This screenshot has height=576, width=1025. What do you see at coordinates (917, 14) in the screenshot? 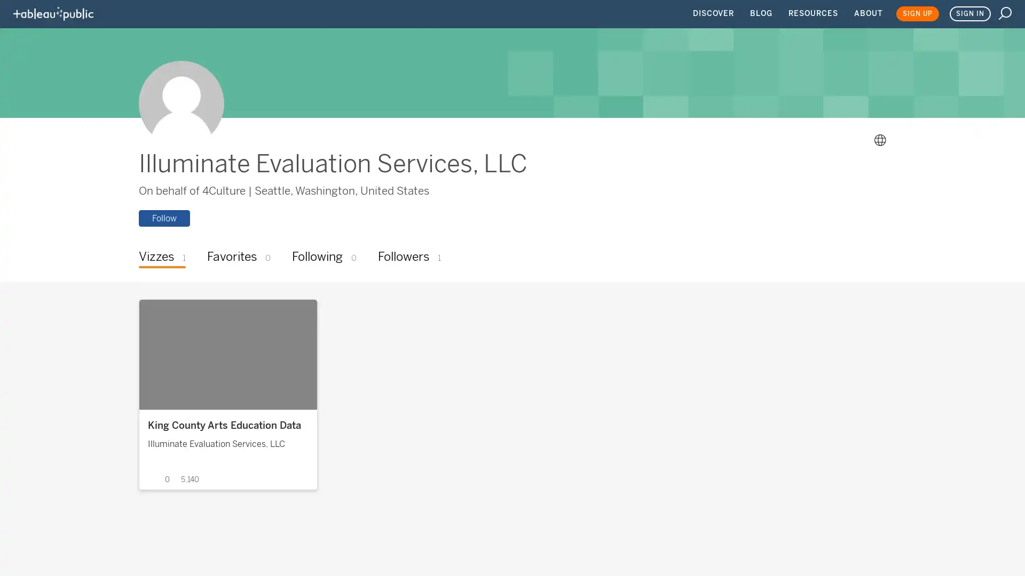
I see `SIGN UP` at bounding box center [917, 14].